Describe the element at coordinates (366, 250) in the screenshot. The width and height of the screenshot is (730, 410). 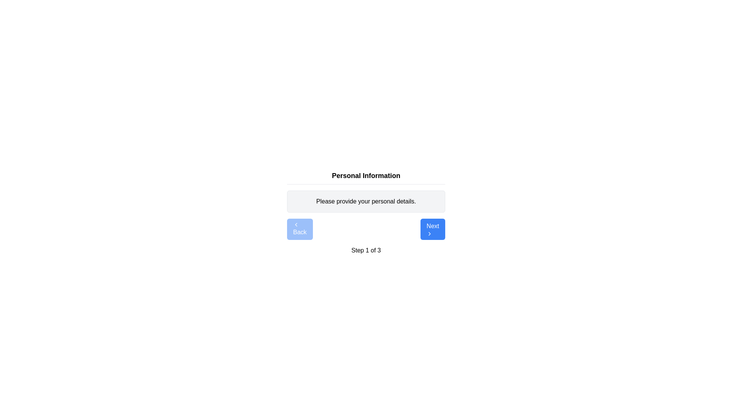
I see `text of the progress indicator label located at the bottom of the layout` at that location.